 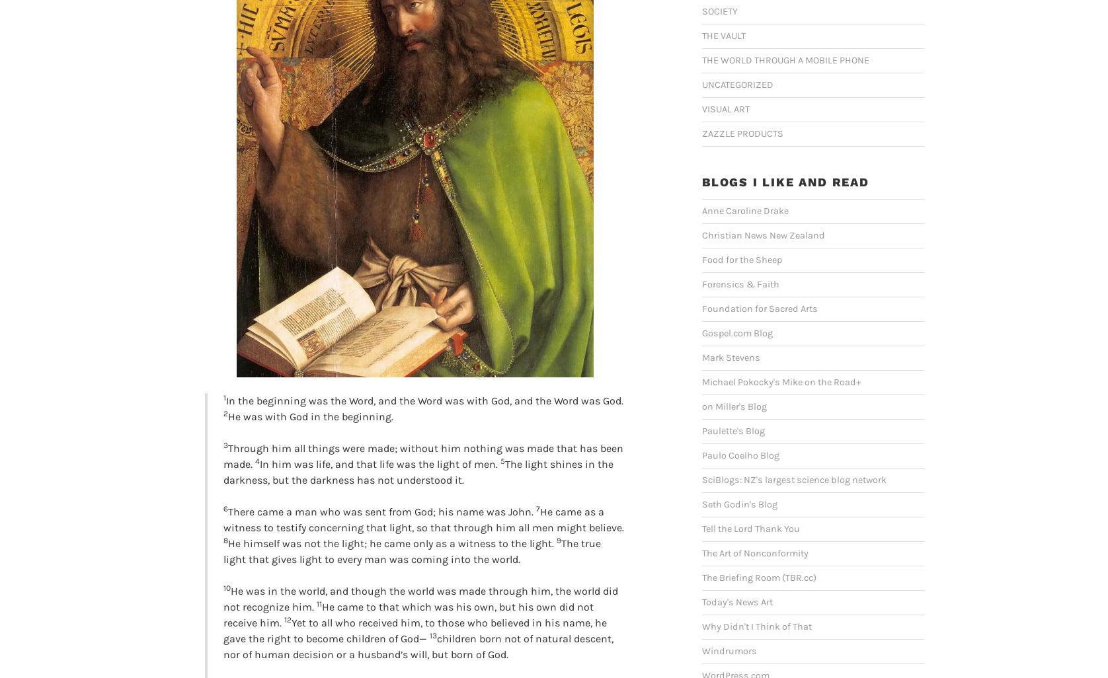 I want to click on 'BLOGS I LIKE AND READ', so click(x=701, y=181).